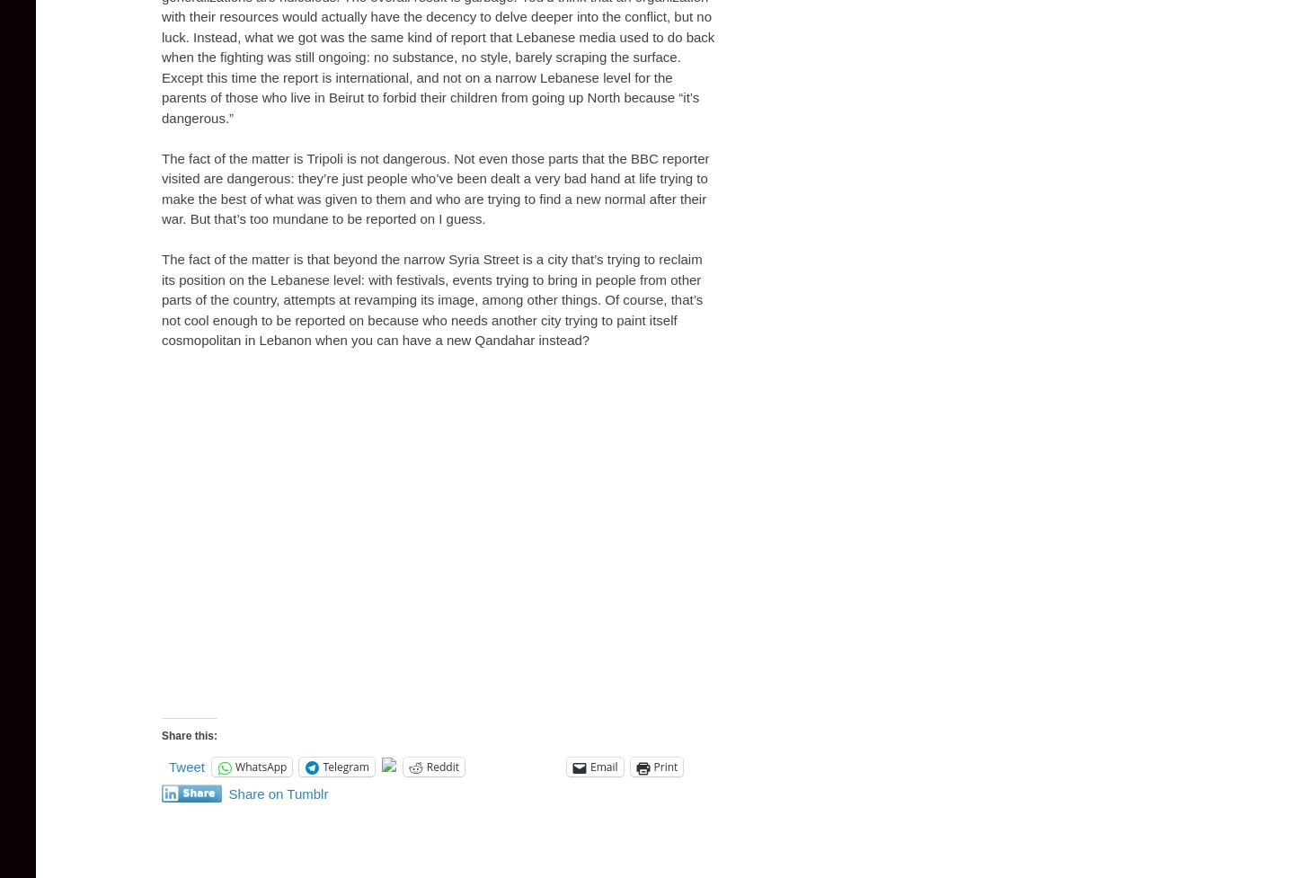 The image size is (1294, 878). I want to click on 'Share this:', so click(189, 734).